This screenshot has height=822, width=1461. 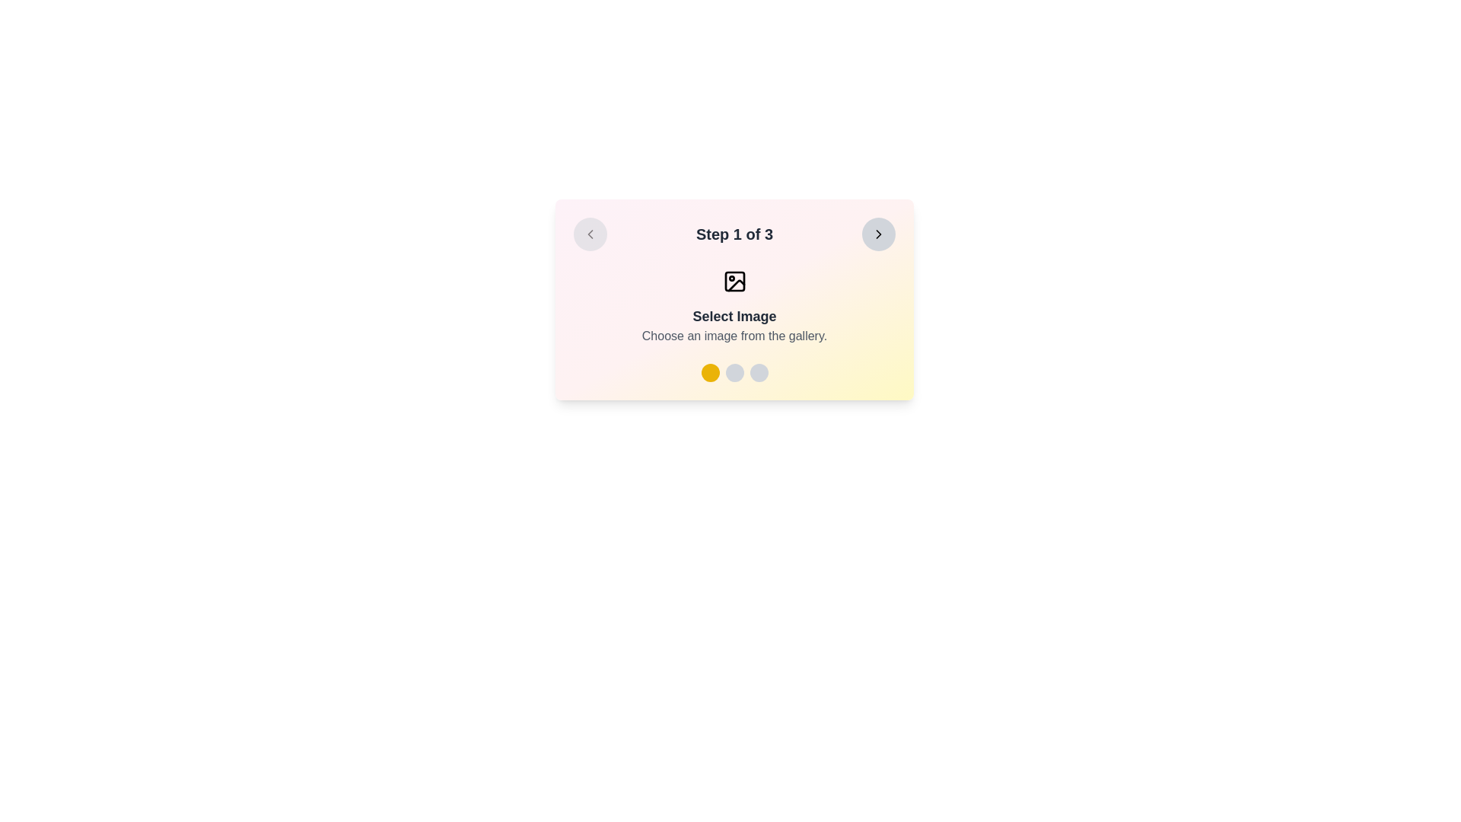 I want to click on the second circular indicator button, which is gray in color and positioned between an orange circle and another gray circle at the bottom center of the card, so click(x=734, y=372).